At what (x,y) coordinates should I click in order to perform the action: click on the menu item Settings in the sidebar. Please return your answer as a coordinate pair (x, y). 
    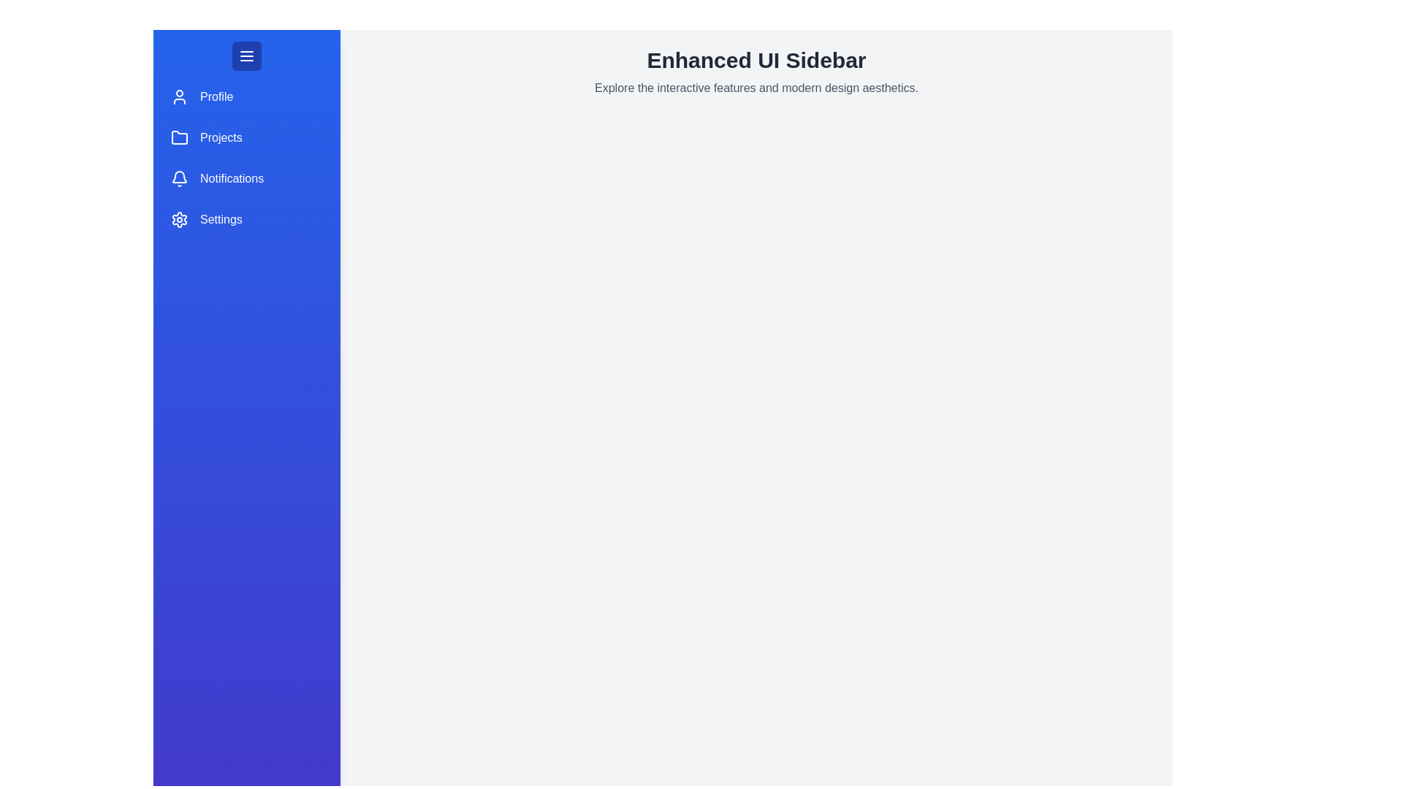
    Looking at the image, I should click on (246, 219).